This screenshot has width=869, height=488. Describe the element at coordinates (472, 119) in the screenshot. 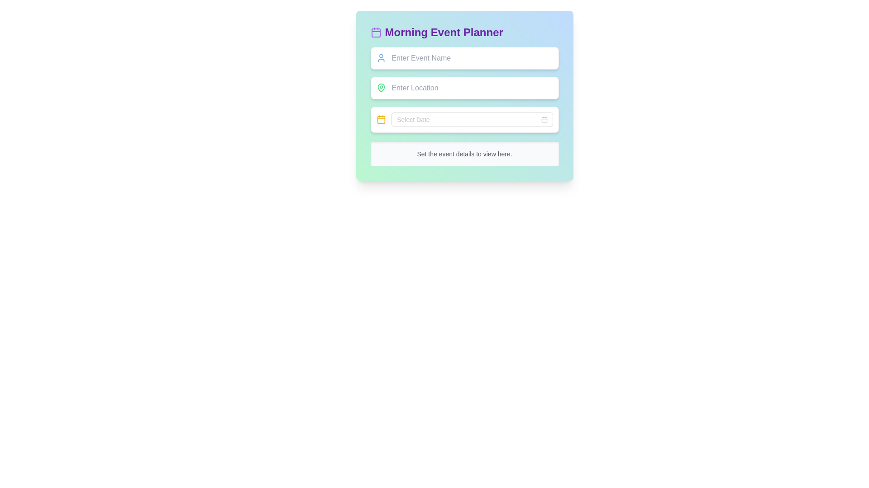

I see `the Date picker input field located within the 'Morning Event Planner' card, which is the third input field below 'Enter Location' and above the button 'Set the event details` at that location.